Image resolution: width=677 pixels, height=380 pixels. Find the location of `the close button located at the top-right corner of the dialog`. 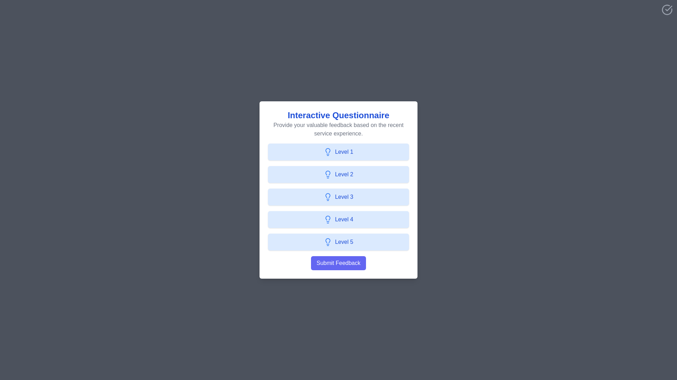

the close button located at the top-right corner of the dialog is located at coordinates (666, 9).